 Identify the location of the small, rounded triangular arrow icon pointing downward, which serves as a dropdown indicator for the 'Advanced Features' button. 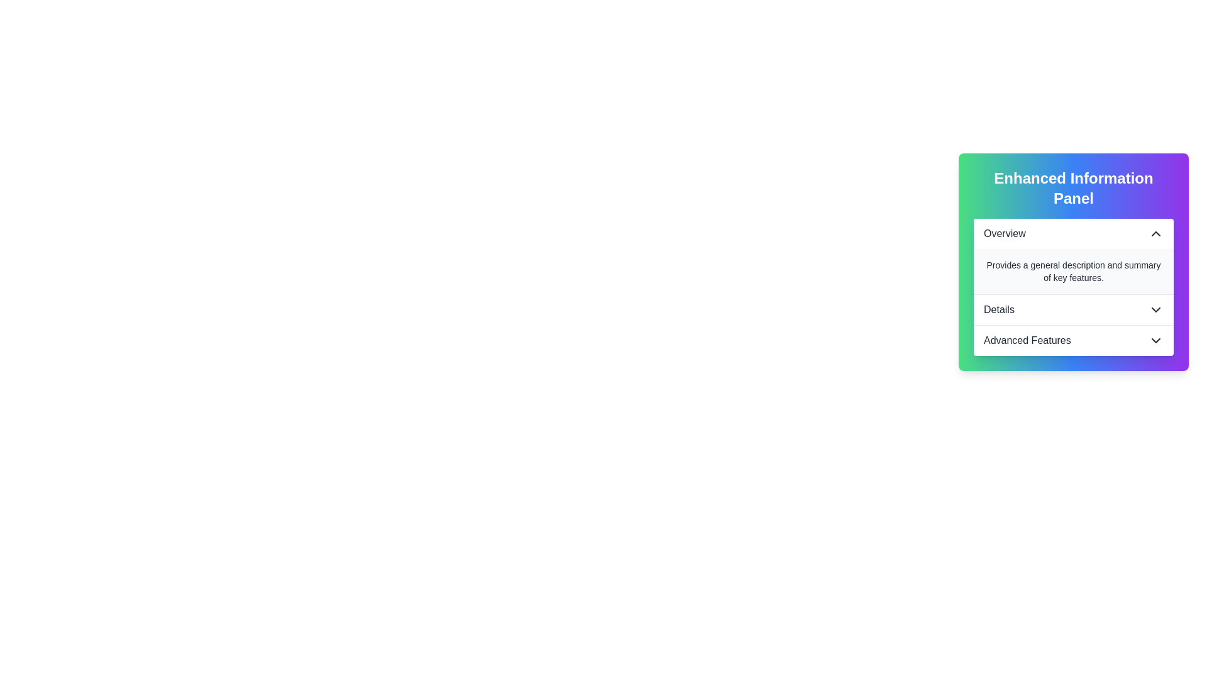
(1155, 341).